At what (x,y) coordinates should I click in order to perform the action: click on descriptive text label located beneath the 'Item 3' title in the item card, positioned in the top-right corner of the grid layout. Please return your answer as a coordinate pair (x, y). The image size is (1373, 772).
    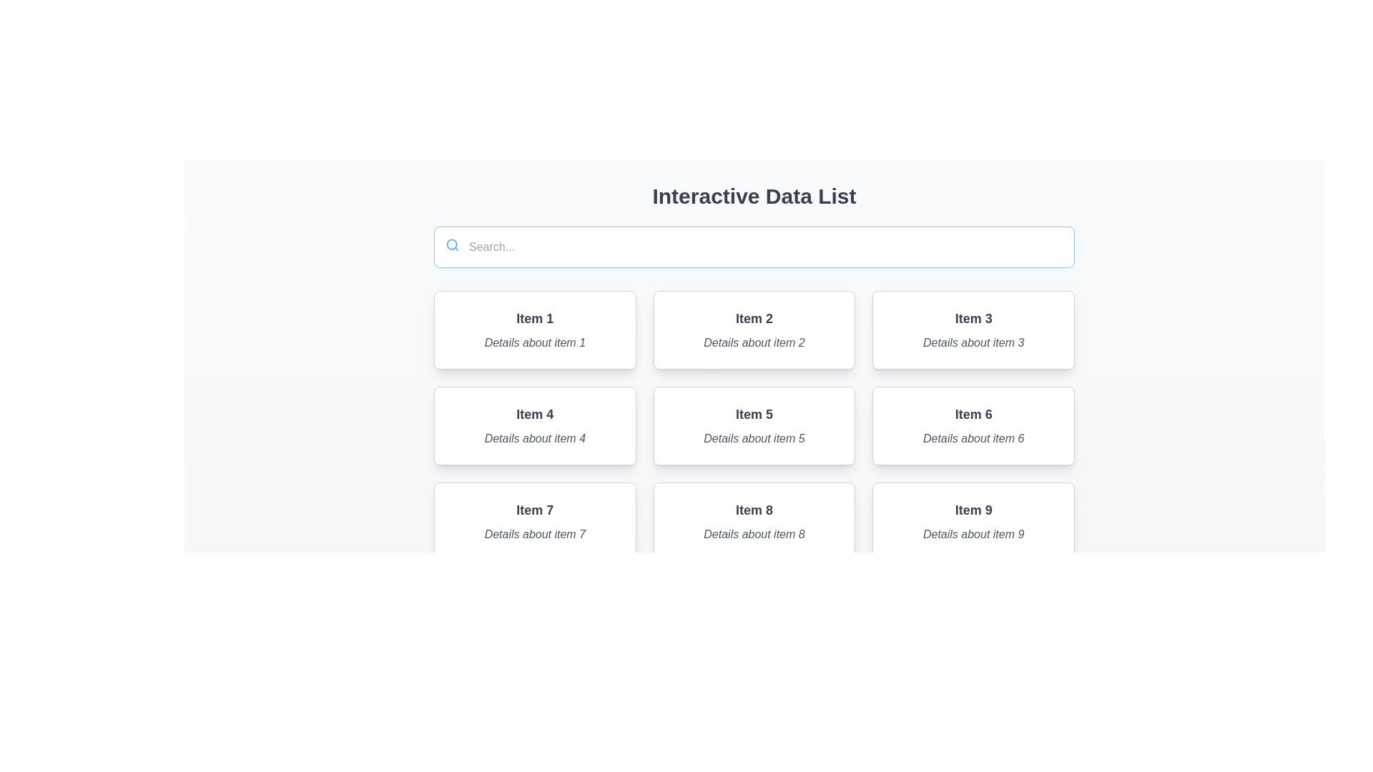
    Looking at the image, I should click on (973, 342).